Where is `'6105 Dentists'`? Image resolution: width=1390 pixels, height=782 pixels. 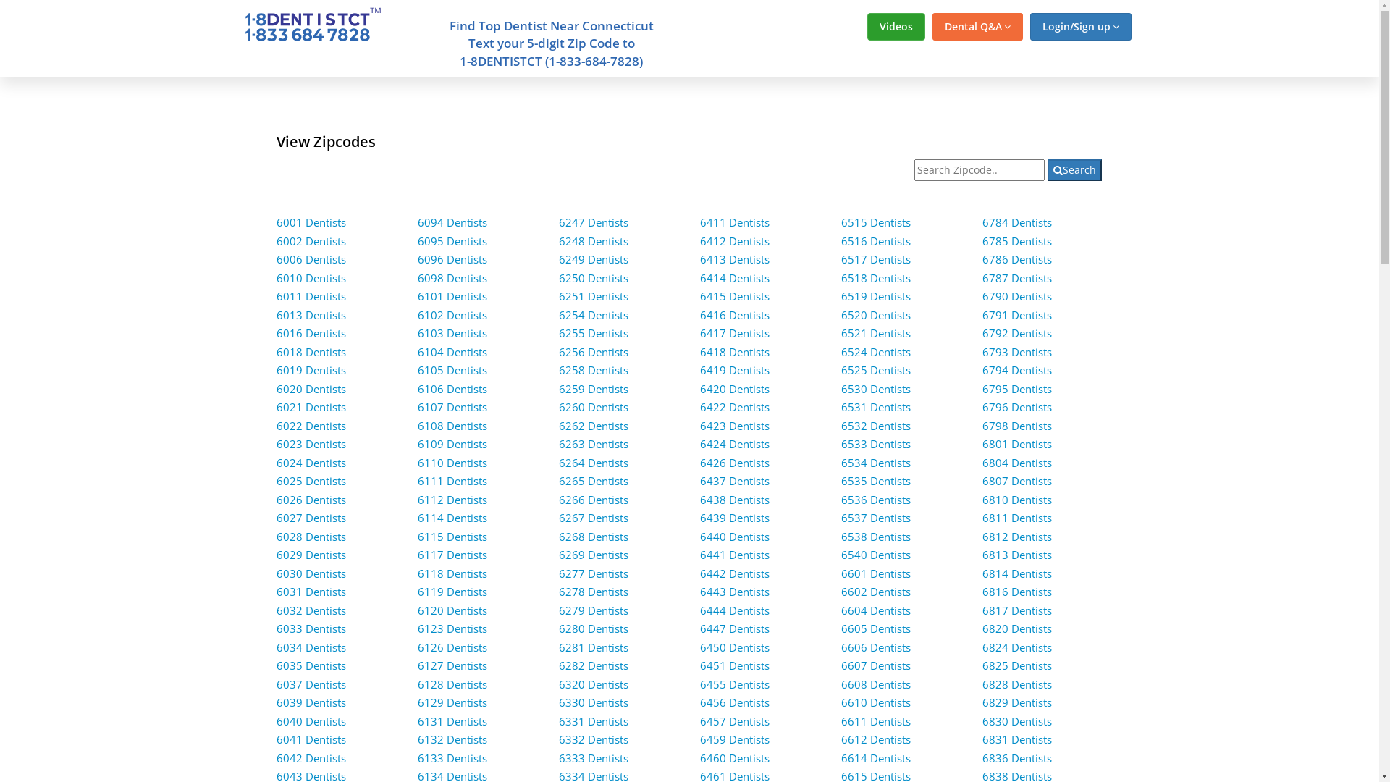
'6105 Dentists' is located at coordinates (451, 369).